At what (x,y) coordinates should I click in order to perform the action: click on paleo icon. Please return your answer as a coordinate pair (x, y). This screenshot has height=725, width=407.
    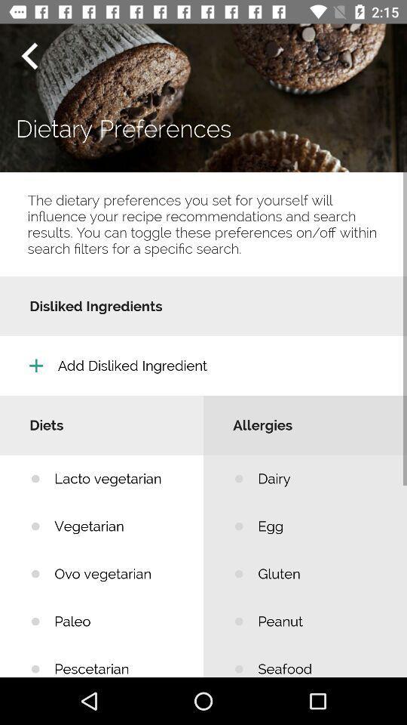
    Looking at the image, I should click on (117, 622).